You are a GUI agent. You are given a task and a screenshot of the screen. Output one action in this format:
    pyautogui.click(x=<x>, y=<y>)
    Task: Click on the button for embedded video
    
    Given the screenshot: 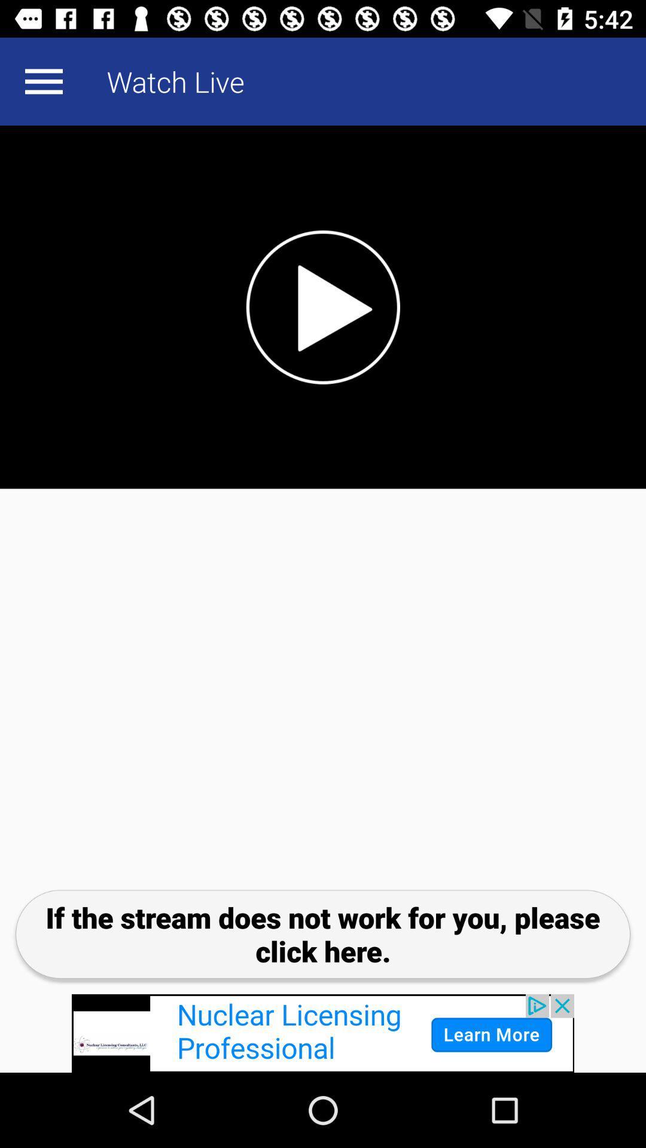 What is the action you would take?
    pyautogui.click(x=323, y=307)
    